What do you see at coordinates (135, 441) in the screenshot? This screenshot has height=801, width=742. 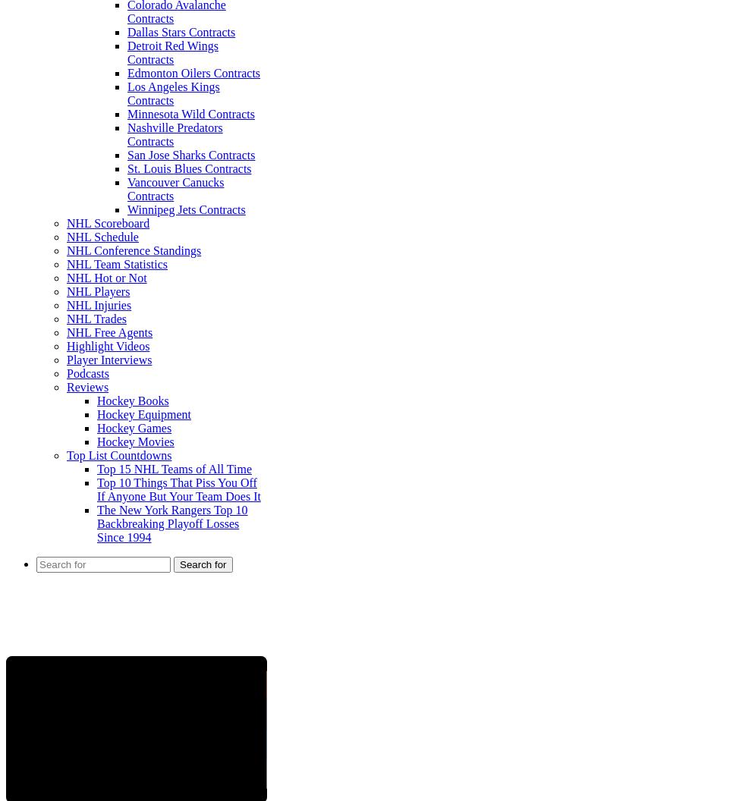 I see `'Hockey Movies'` at bounding box center [135, 441].